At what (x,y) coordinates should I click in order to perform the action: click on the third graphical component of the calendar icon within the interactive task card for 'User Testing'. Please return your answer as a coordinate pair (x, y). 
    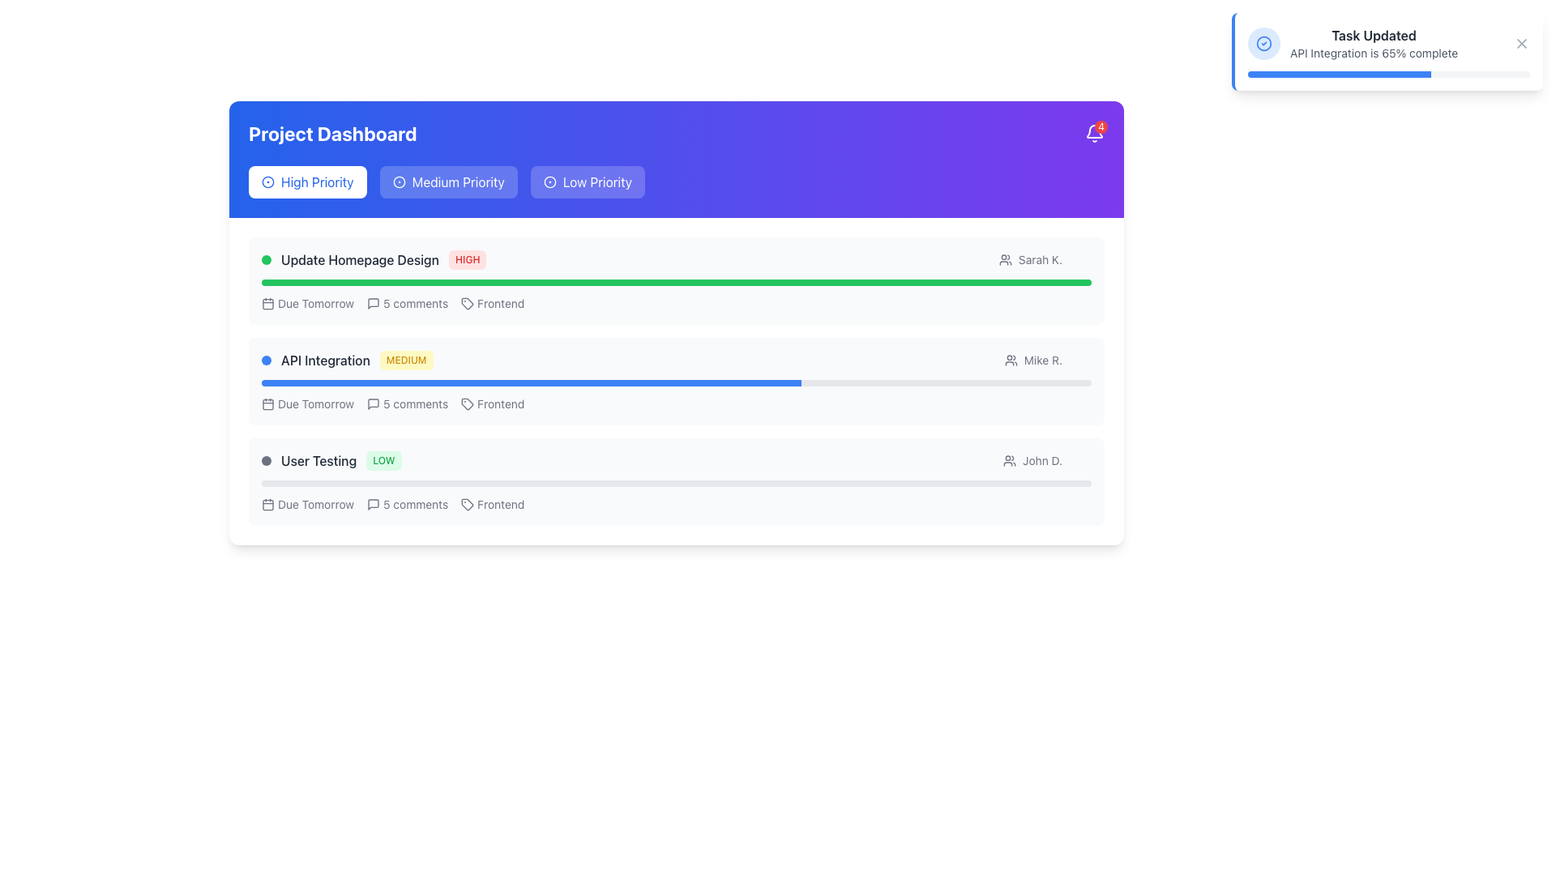
    Looking at the image, I should click on (268, 504).